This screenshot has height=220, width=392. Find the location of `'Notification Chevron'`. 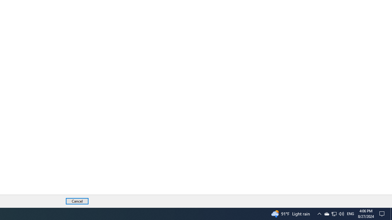

'Notification Chevron' is located at coordinates (334, 213).